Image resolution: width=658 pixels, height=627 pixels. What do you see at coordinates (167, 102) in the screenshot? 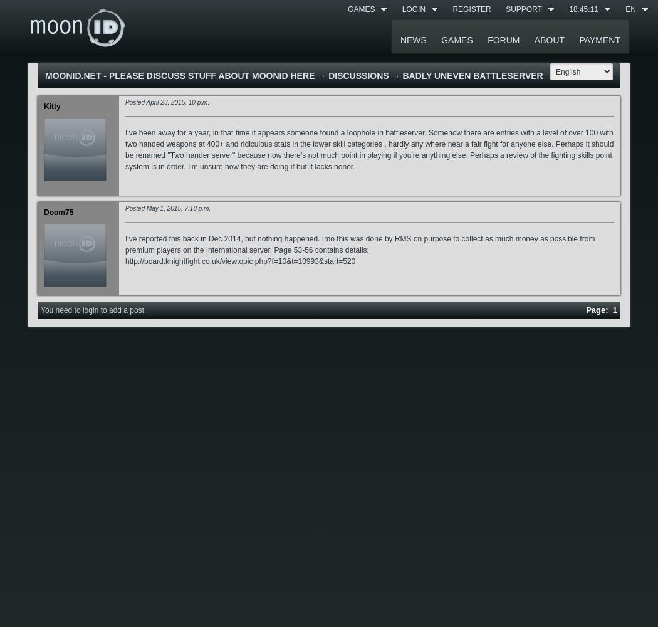
I see `'Posted April 23, 2015, 10 p.m.'` at bounding box center [167, 102].